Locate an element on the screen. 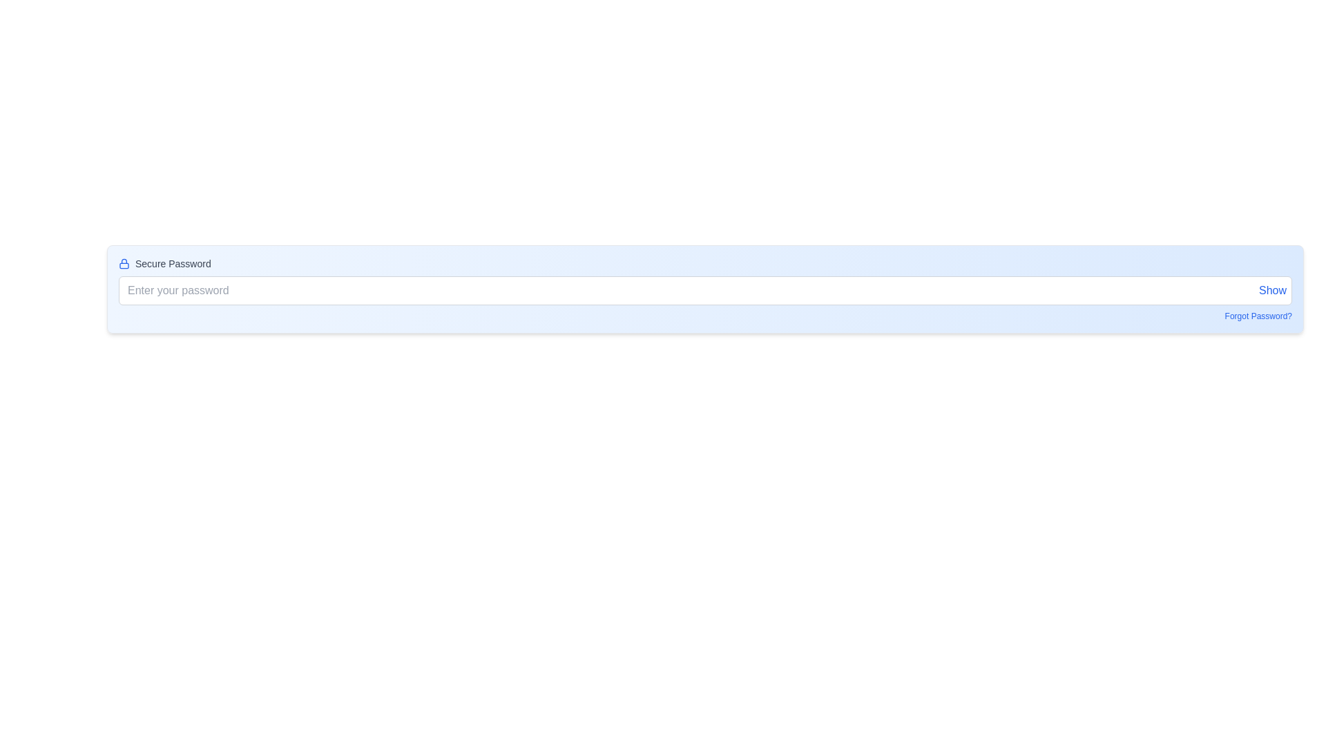  the 'Show' text button, which is a blue label that toggles password visibility, positioned to the right of the password input field is located at coordinates (1272, 289).